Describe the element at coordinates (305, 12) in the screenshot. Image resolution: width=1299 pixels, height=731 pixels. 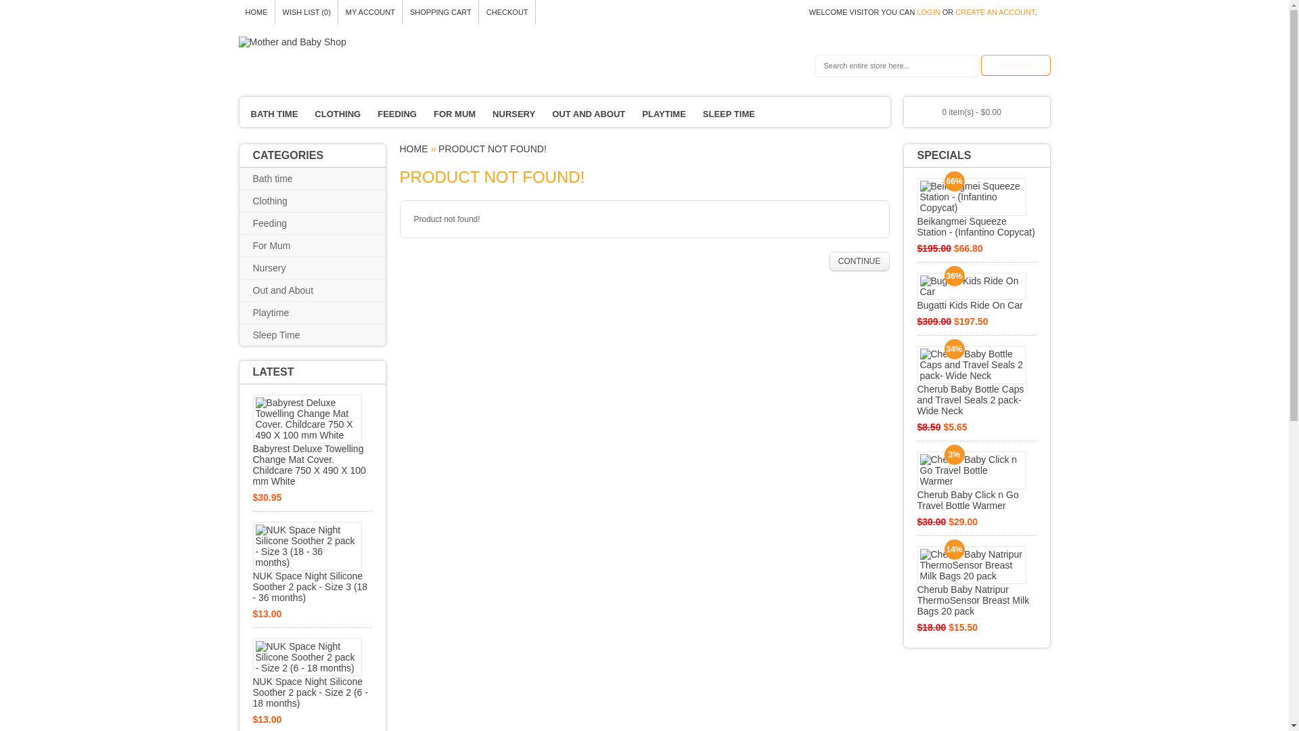
I see `'WISH LIST (0)'` at that location.